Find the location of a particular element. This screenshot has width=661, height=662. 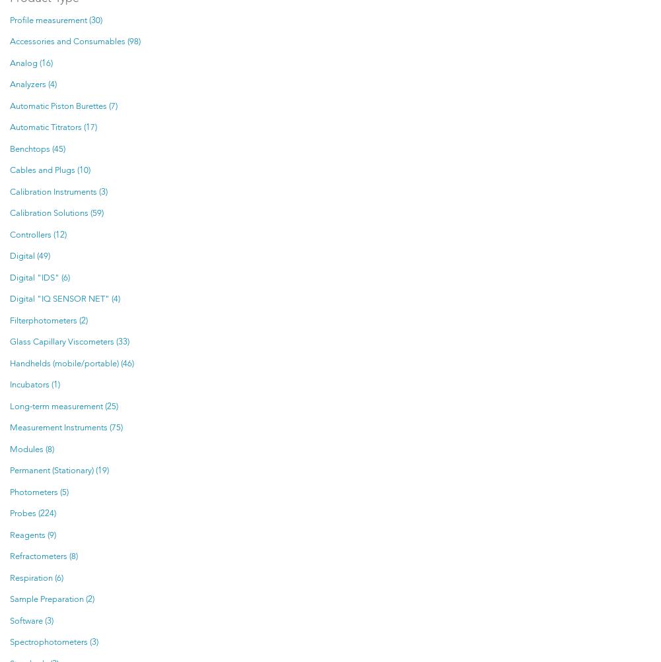

'Benchtops (45)' is located at coordinates (37, 149).